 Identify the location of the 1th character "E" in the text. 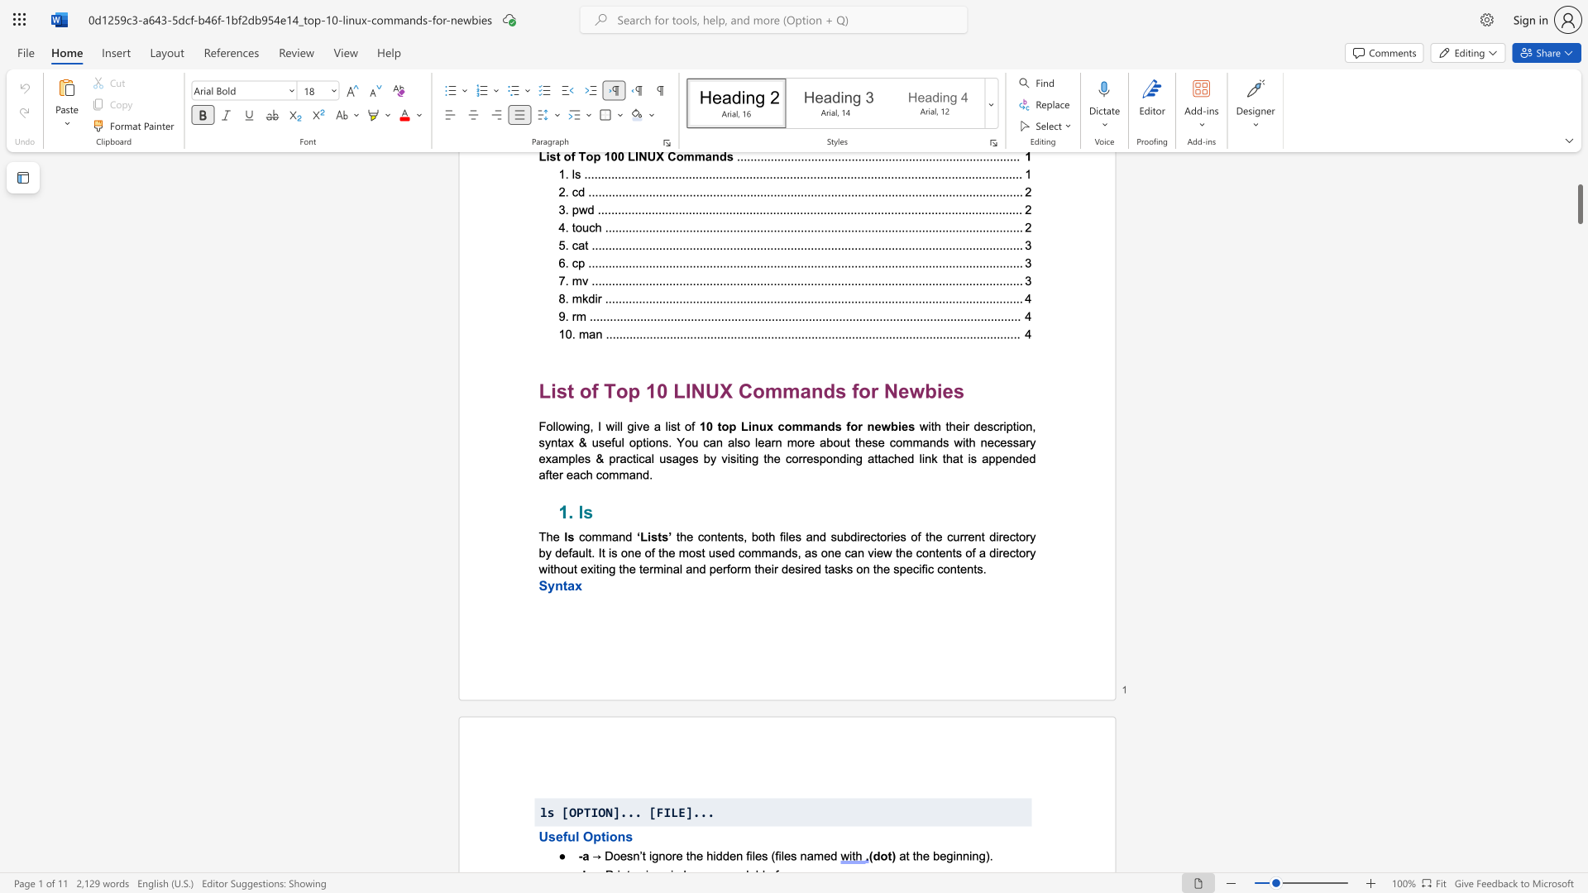
(682, 811).